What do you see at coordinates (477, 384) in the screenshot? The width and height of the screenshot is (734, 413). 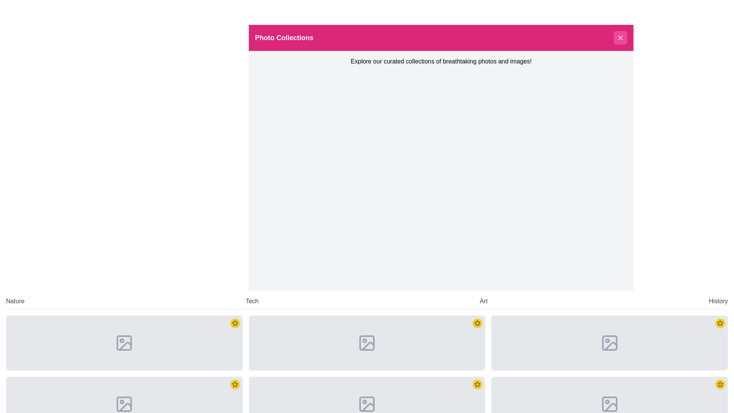 I see `the star-shaped icon outlined with a thin stroke and styled in yellow, located at the top-right corner of the image placeholder in the third column under the 'Art' category` at bounding box center [477, 384].